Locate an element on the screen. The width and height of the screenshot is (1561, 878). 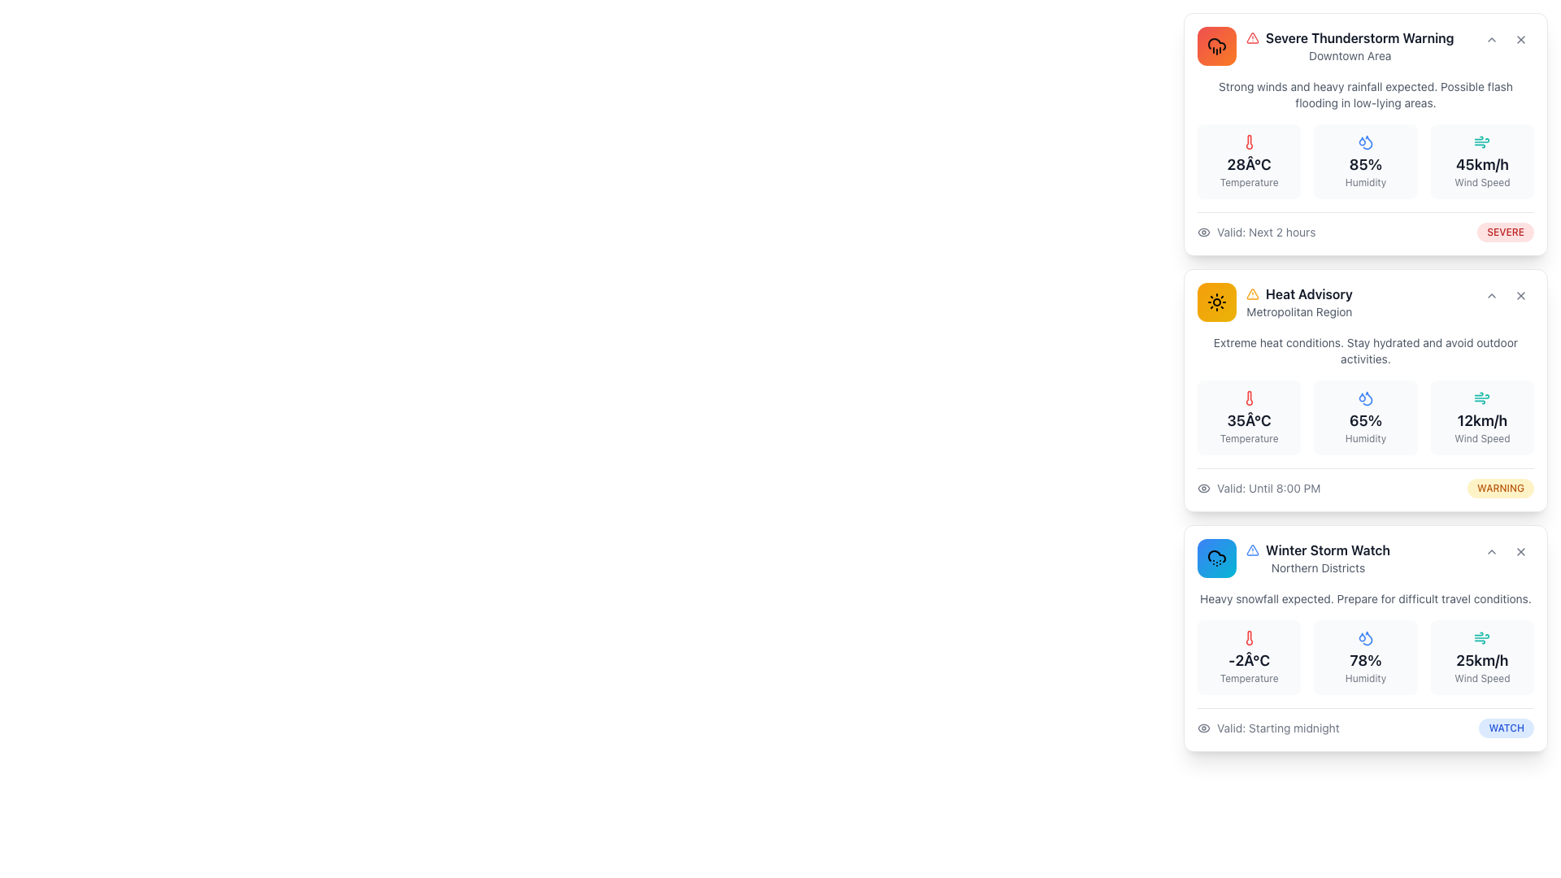
the group of interactive icons (minimize and close buttons) located at the upper right corner of the 'Winter Storm Watch' card is located at coordinates (1505, 550).